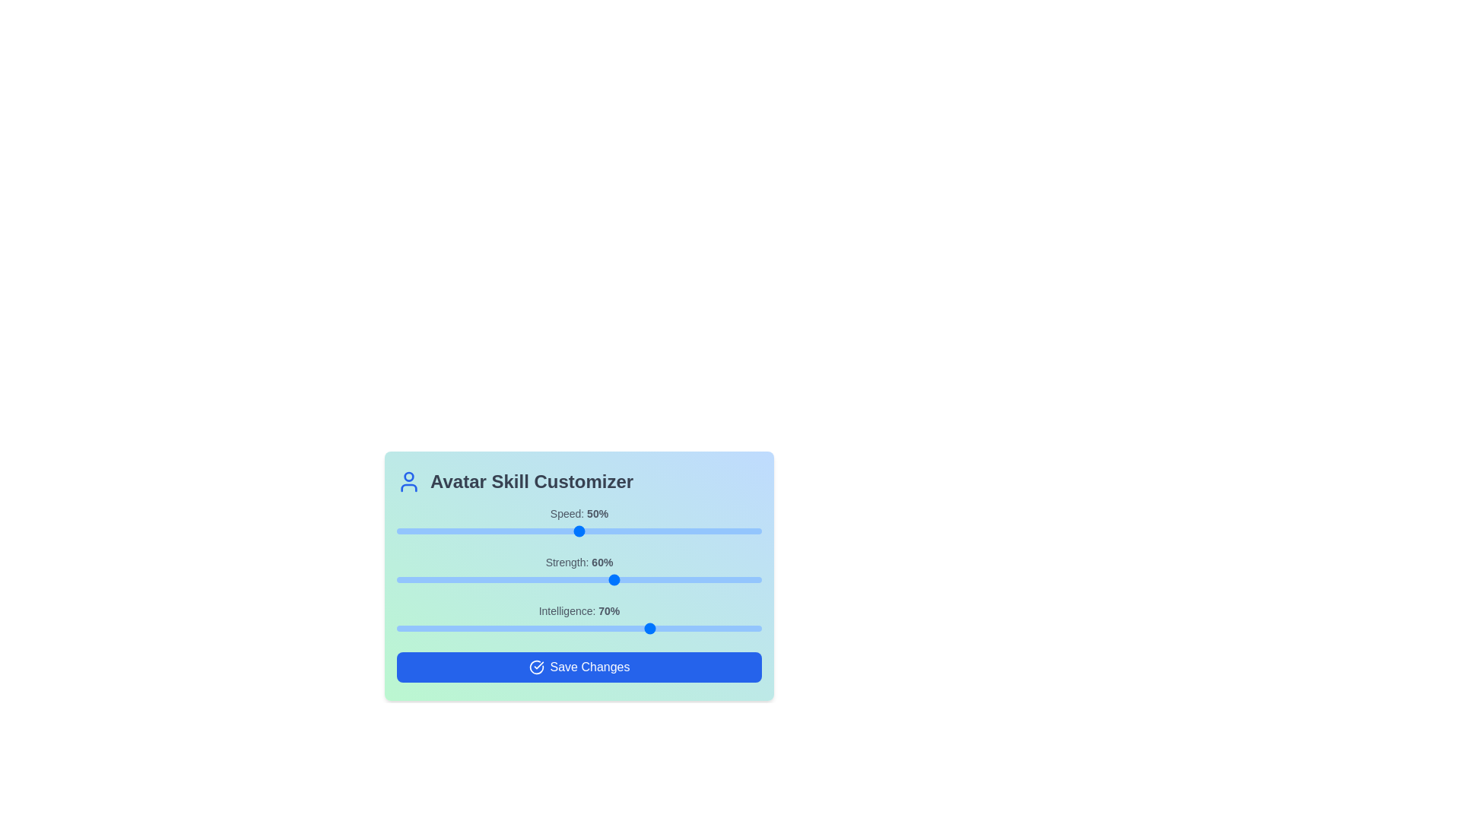 The height and width of the screenshot is (821, 1460). I want to click on the speed, so click(630, 530).